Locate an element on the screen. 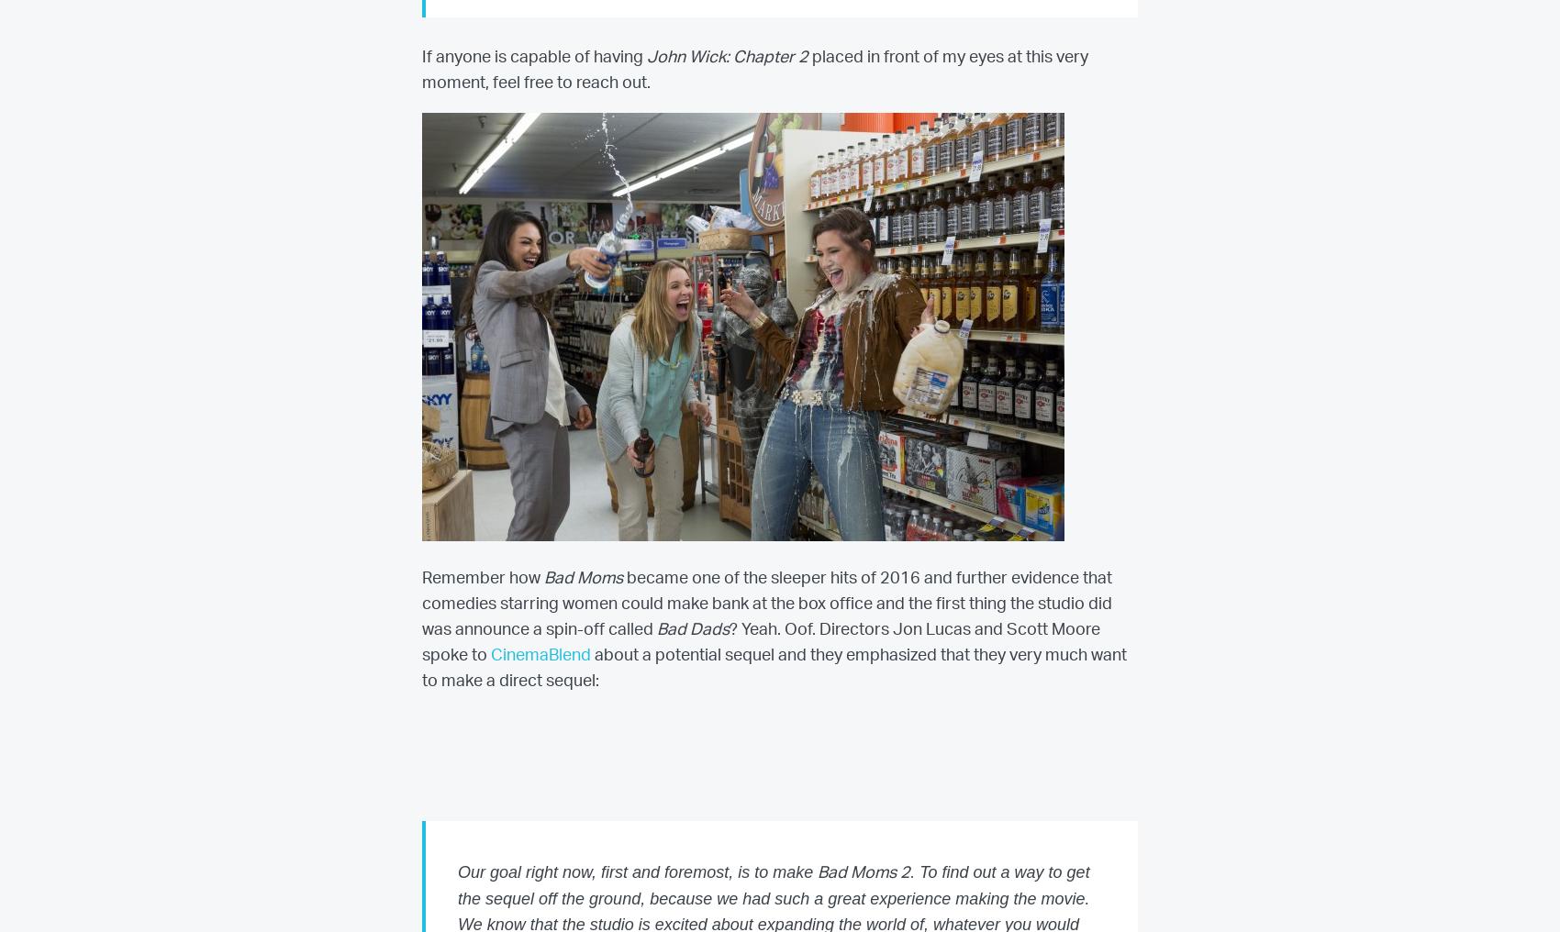 This screenshot has width=1560, height=932. 'If anyone is capable of having' is located at coordinates (422, 56).